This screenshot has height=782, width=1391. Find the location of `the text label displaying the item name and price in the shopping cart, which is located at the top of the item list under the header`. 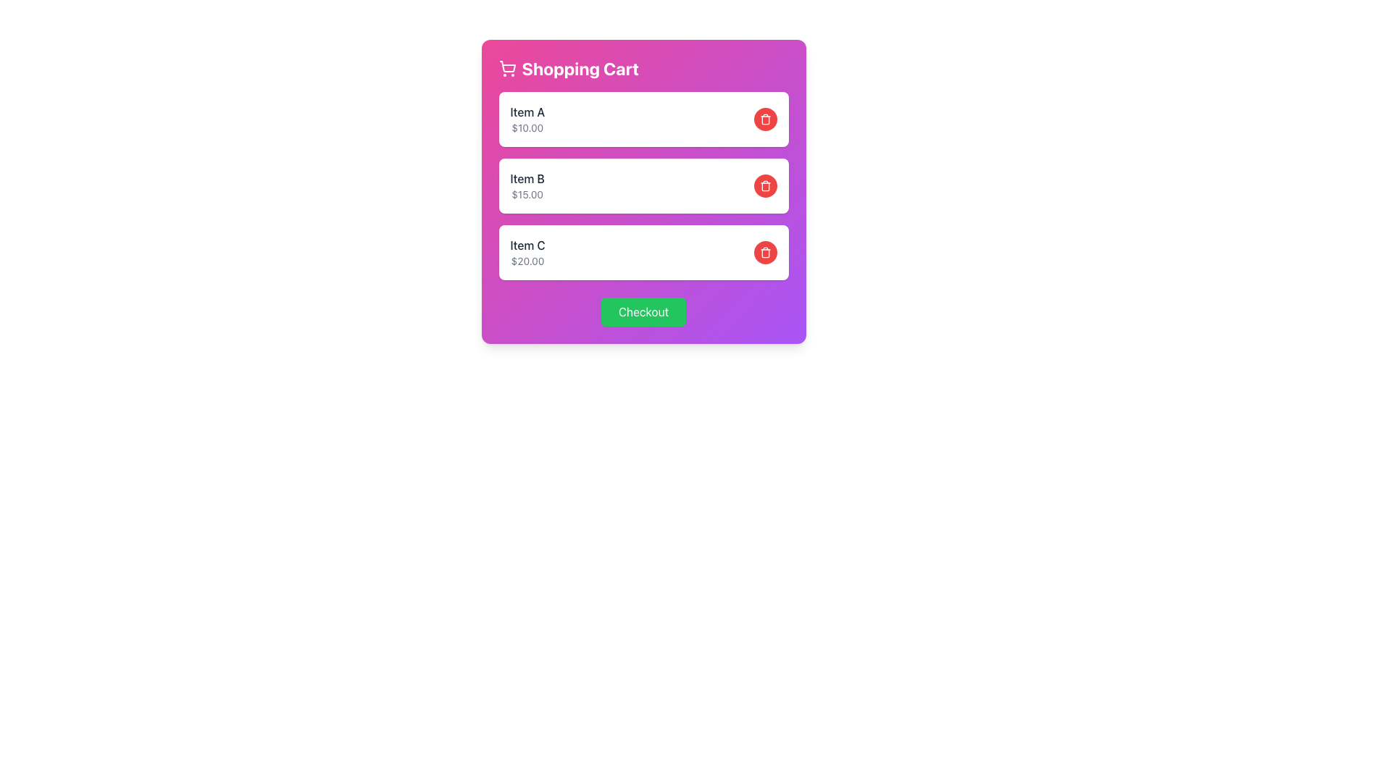

the text label displaying the item name and price in the shopping cart, which is located at the top of the item list under the header is located at coordinates (527, 119).